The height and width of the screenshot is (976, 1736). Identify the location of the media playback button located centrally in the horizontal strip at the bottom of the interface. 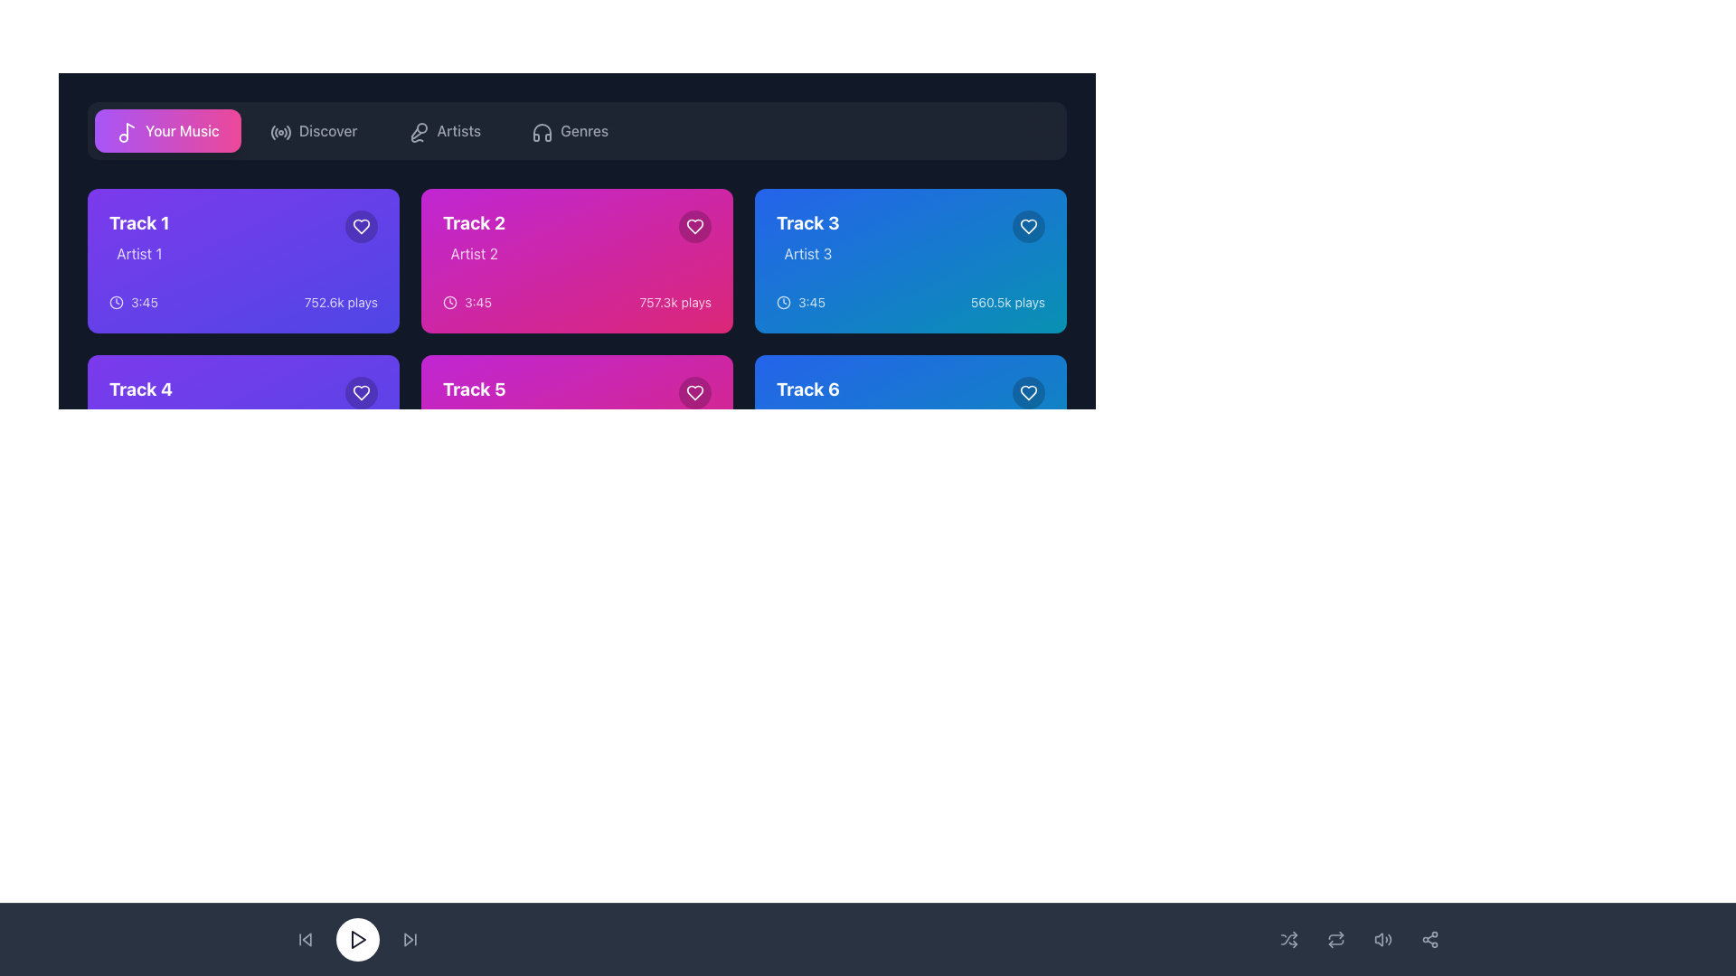
(357, 939).